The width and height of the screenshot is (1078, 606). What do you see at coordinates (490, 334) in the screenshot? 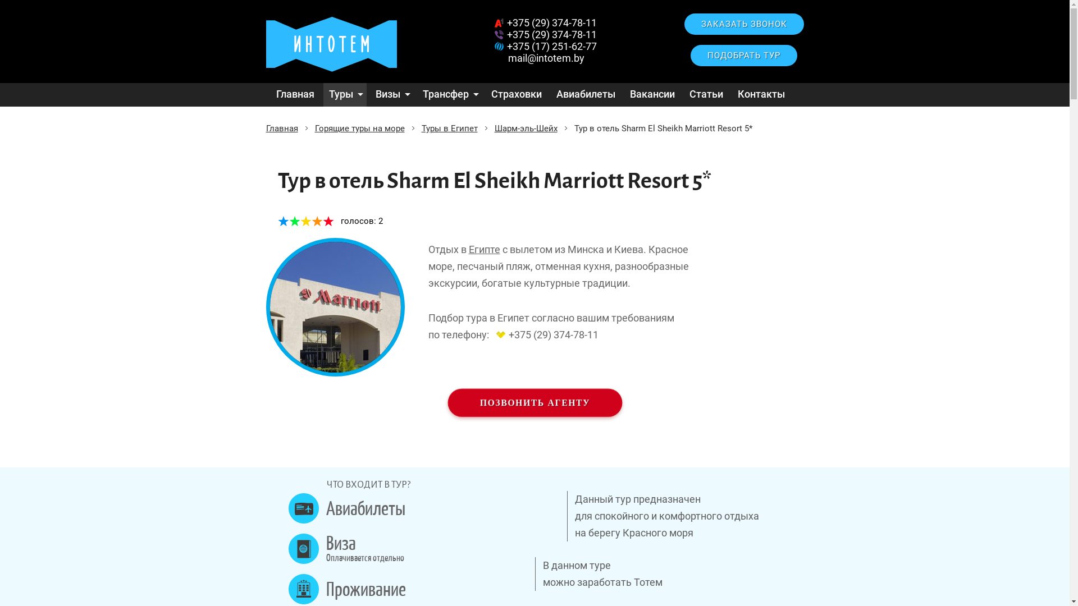
I see `'+375 (29) 374-78-11'` at bounding box center [490, 334].